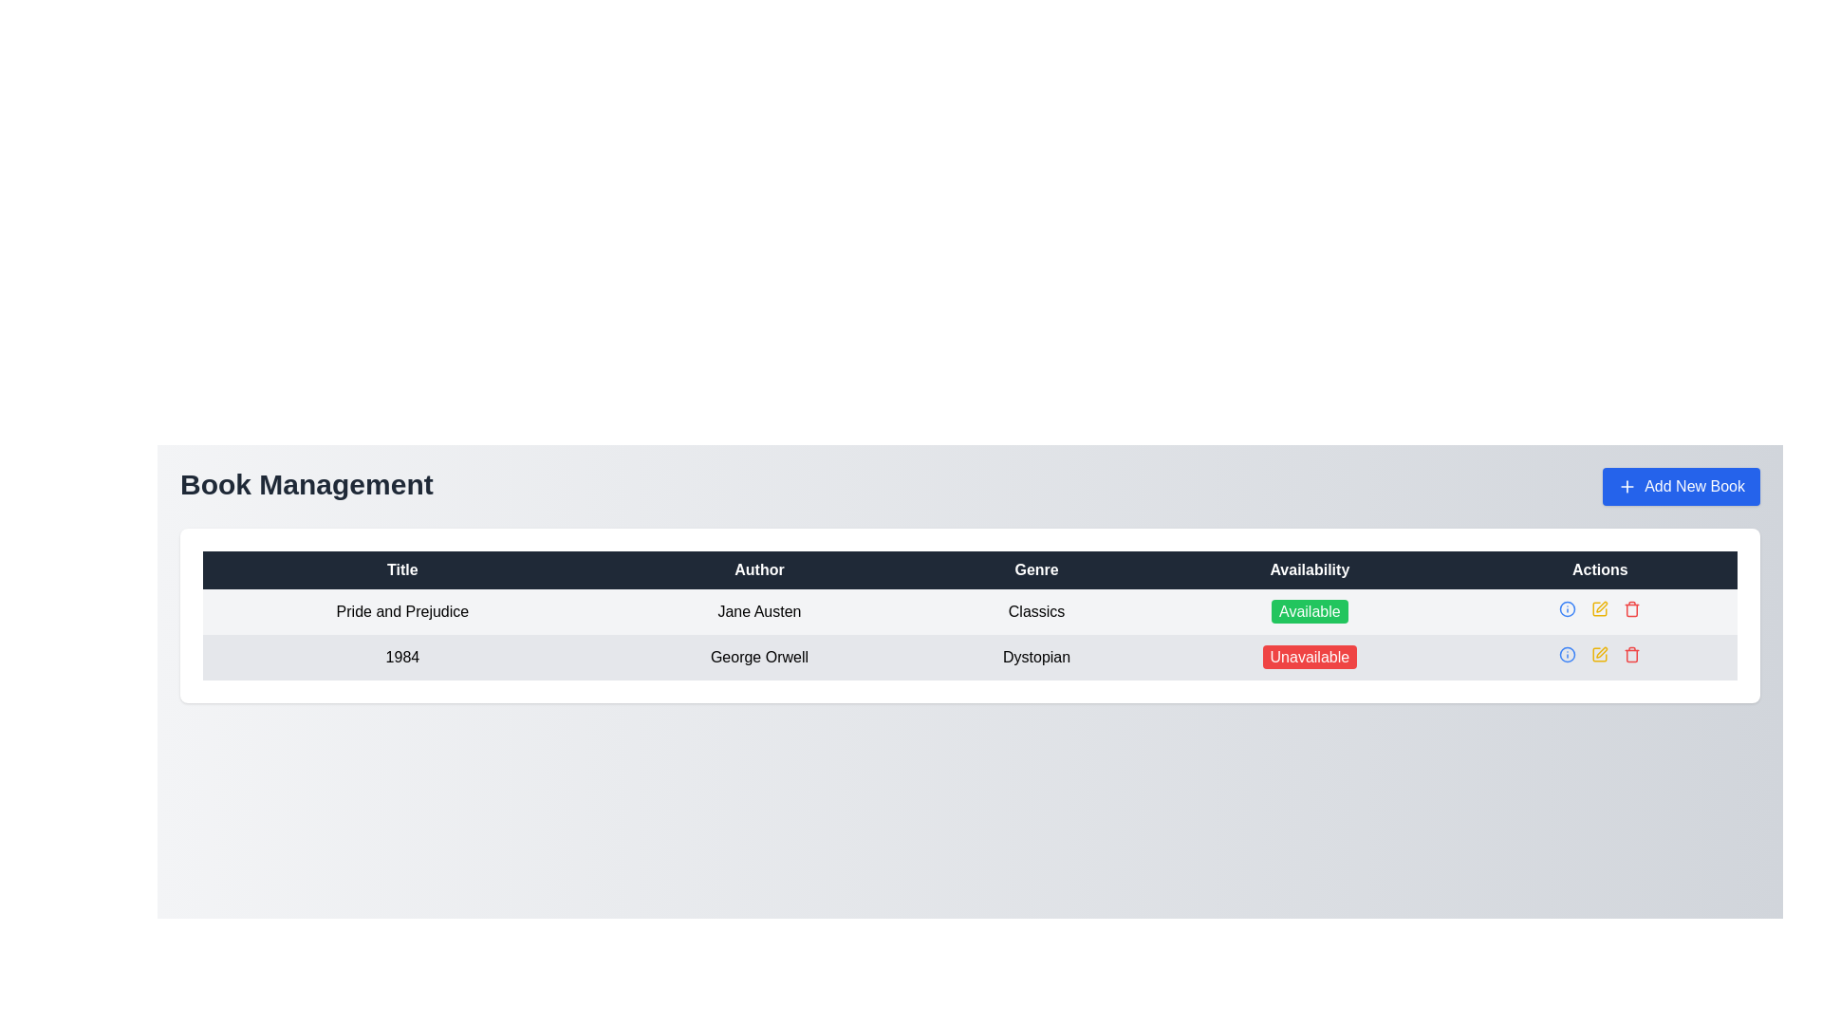  Describe the element at coordinates (1309, 657) in the screenshot. I see `the red button labeled 'Unavailable' in the 'Availability' column of the second row of the book details table for '1984' by George Orwell` at that location.